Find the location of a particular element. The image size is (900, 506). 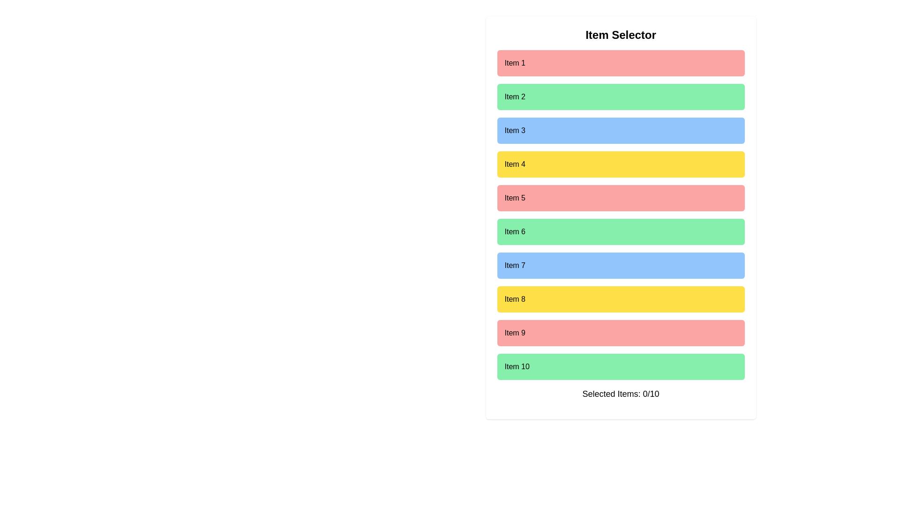

the first item in the list labeled 'Item 1', which is a Button-like list item at the top of the vertically stacked list is located at coordinates (621, 63).